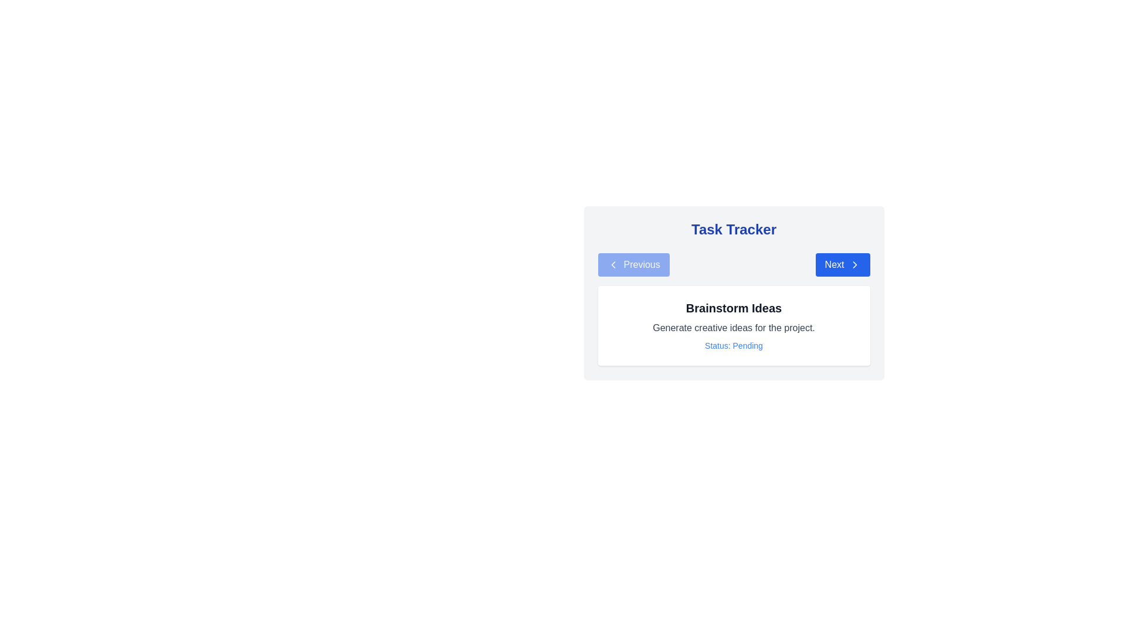 Image resolution: width=1126 pixels, height=633 pixels. Describe the element at coordinates (854, 264) in the screenshot. I see `the arrow icon in the 'Next' button located in the top-right section of the 'Task Tracker' card` at that location.